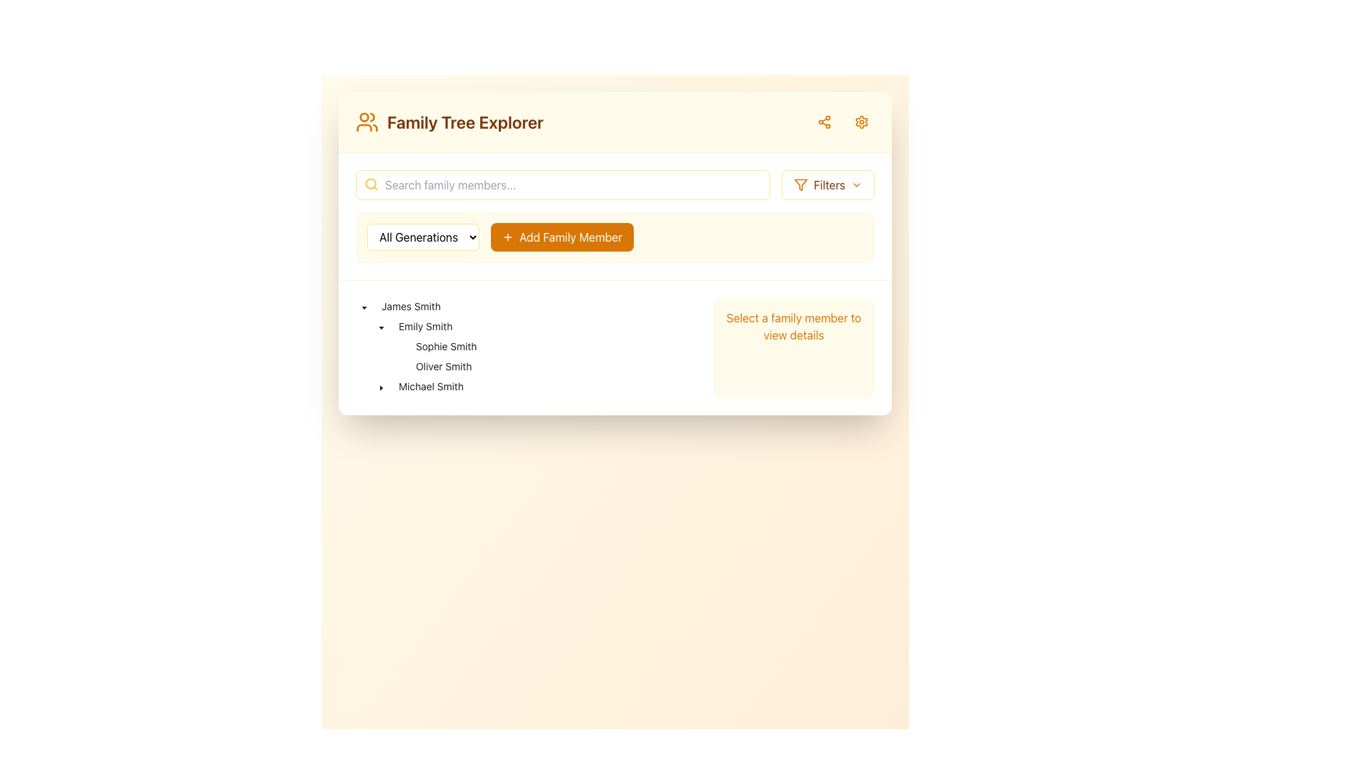 The height and width of the screenshot is (772, 1372). What do you see at coordinates (381, 328) in the screenshot?
I see `the downward-facing caret icon toggle element` at bounding box center [381, 328].